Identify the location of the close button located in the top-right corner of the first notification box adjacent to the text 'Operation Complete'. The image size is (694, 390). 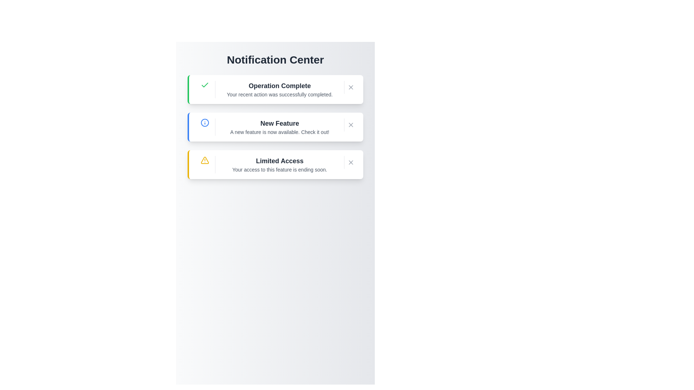
(351, 87).